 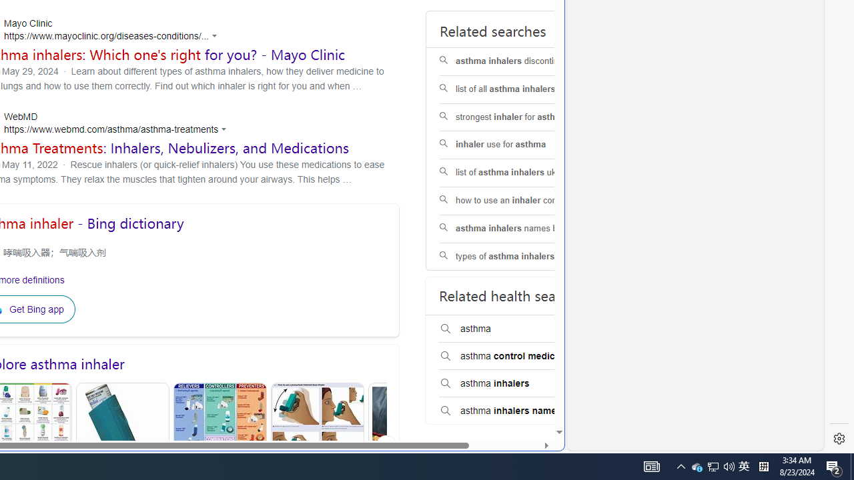 What do you see at coordinates (523, 384) in the screenshot?
I see `'asthma inhalers'` at bounding box center [523, 384].